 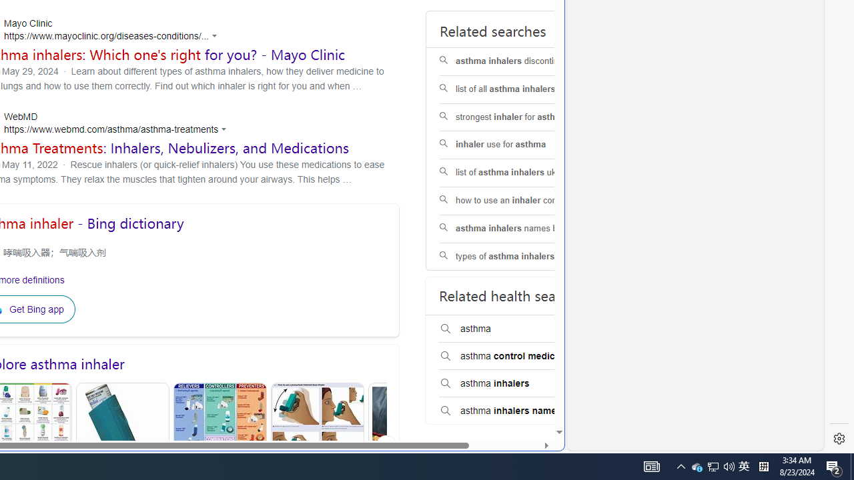 What do you see at coordinates (523, 384) in the screenshot?
I see `'asthma inhalers'` at bounding box center [523, 384].